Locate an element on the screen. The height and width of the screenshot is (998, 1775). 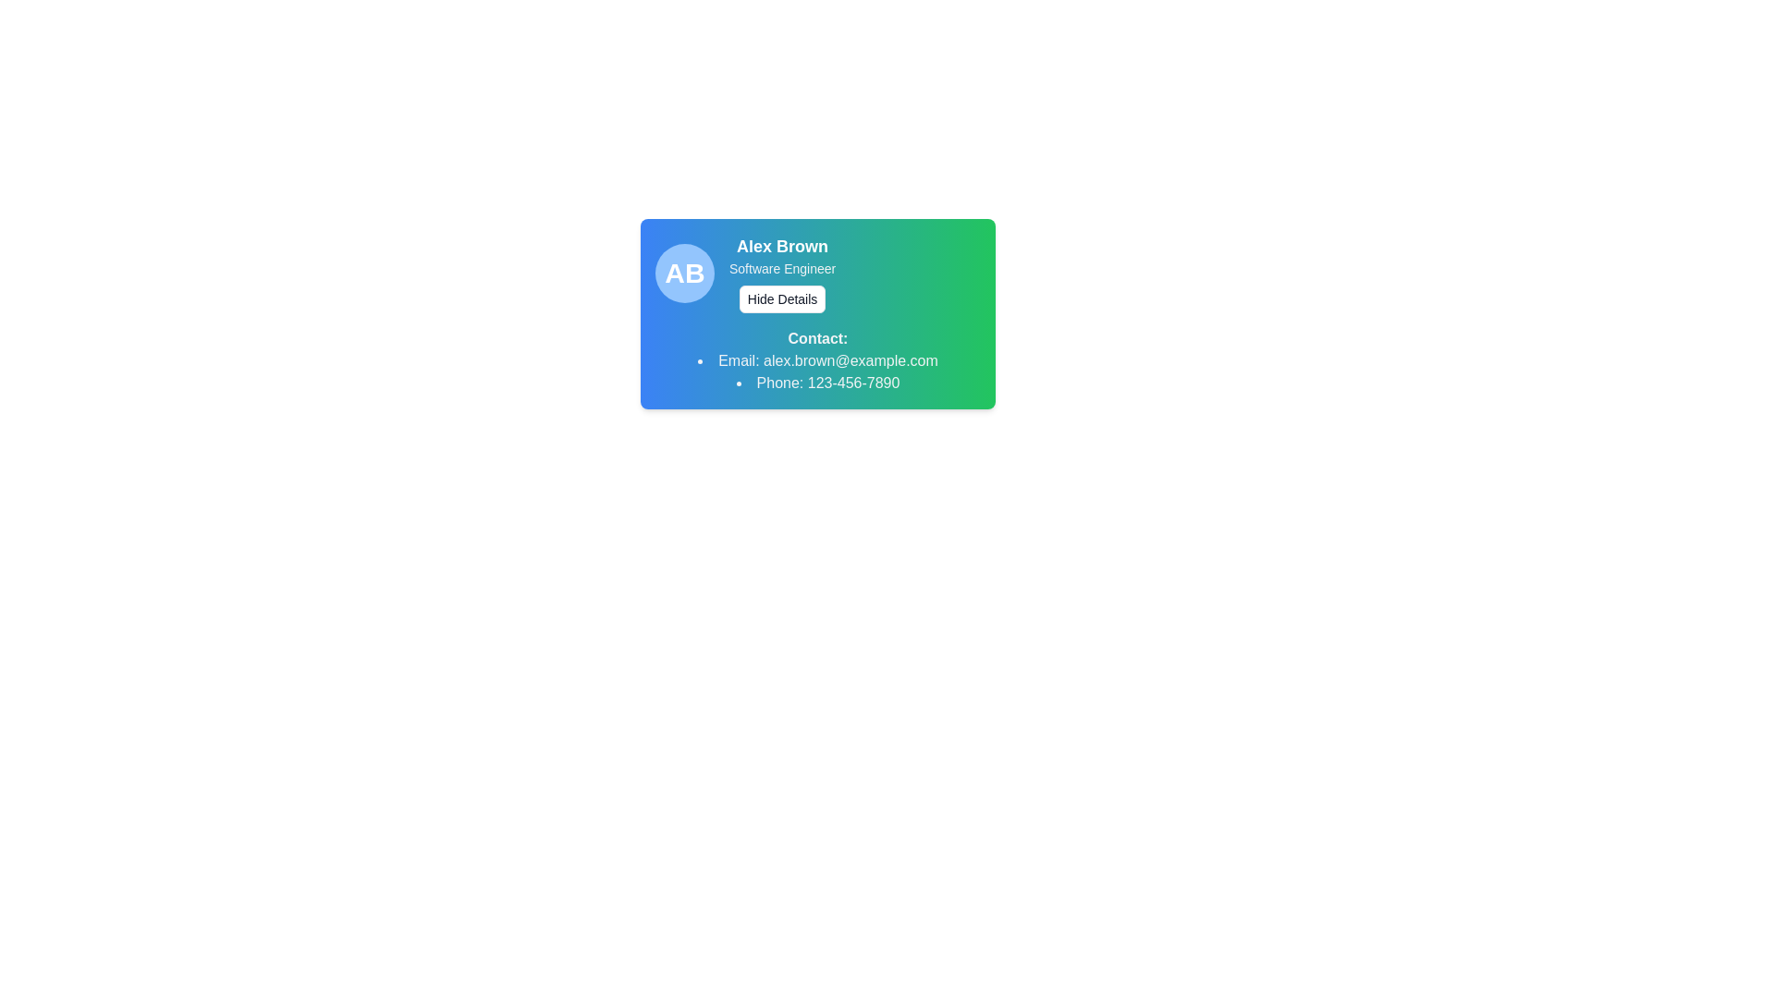
the text label indicating the professional role 'Software Engineer', which is located below 'Alex Brown' and above the 'Hide Details' button, in the upper half of a card with a blue-green gradient background is located at coordinates (782, 268).